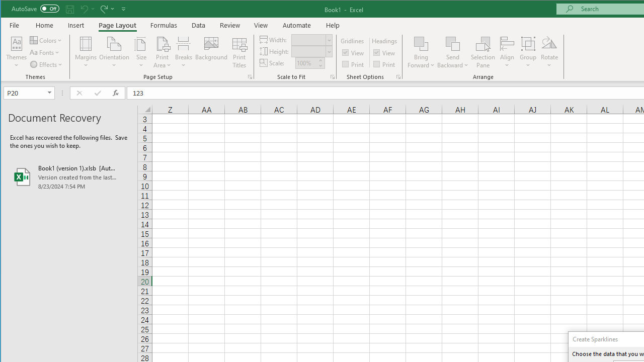  Describe the element at coordinates (45, 52) in the screenshot. I see `'Fonts'` at that location.